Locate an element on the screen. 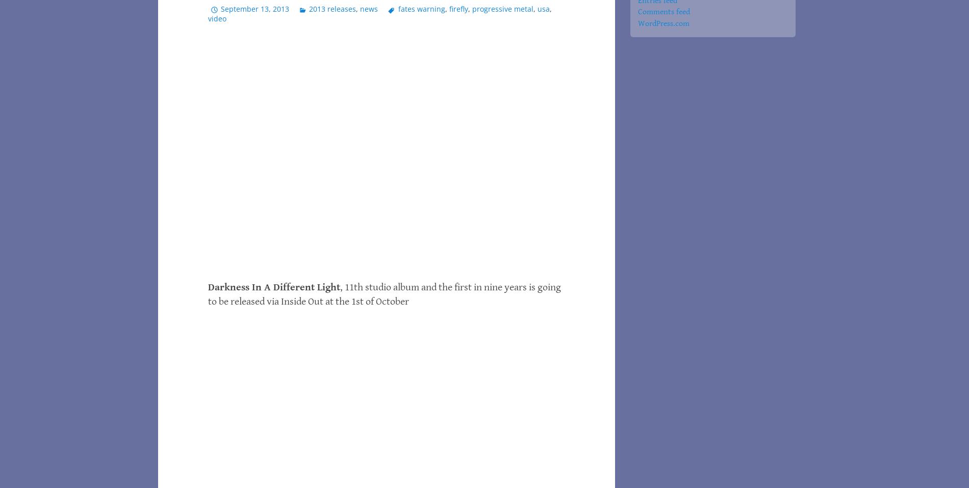 This screenshot has height=488, width=969. '2013 releases' is located at coordinates (333, 8).